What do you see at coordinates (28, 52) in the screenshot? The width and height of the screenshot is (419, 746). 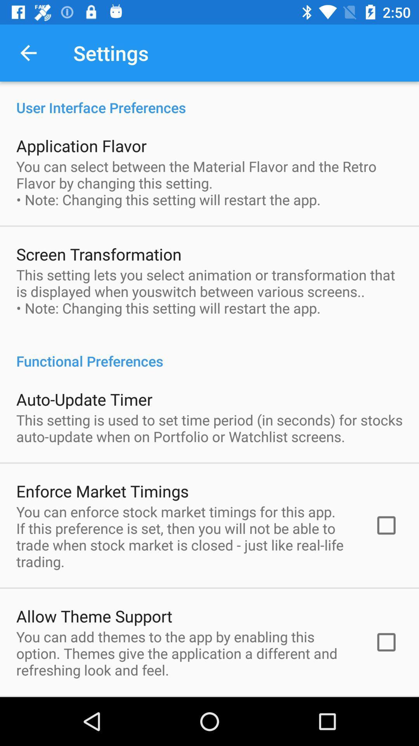 I see `icon above the user interface preferences icon` at bounding box center [28, 52].